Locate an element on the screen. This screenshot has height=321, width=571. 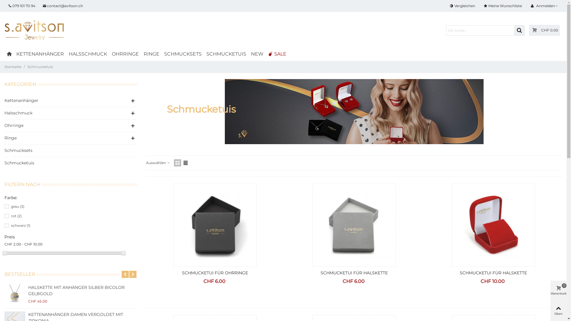
'Vergleichen' is located at coordinates (446, 6).